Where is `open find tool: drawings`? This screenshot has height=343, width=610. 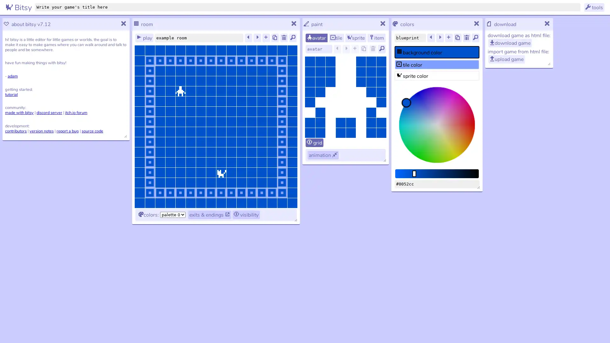 open find tool: drawings is located at coordinates (381, 49).